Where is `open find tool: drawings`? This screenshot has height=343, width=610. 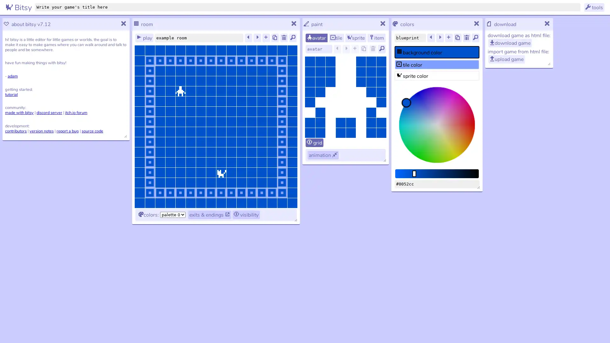 open find tool: drawings is located at coordinates (381, 49).